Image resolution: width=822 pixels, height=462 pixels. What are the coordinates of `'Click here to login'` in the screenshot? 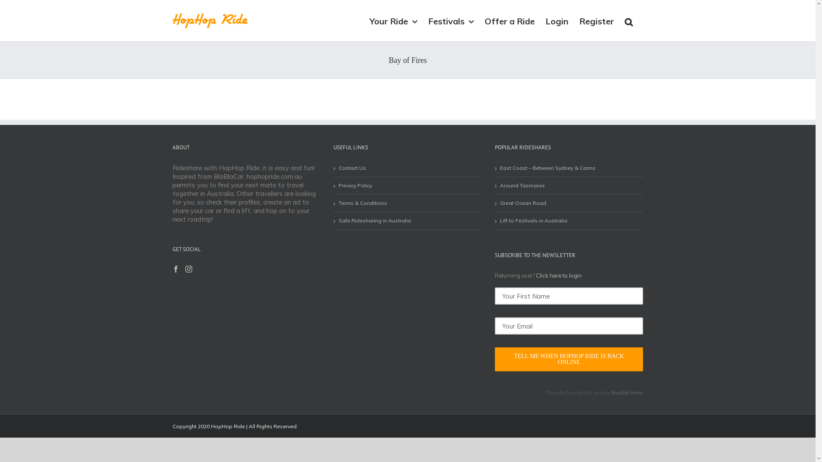 It's located at (559, 275).